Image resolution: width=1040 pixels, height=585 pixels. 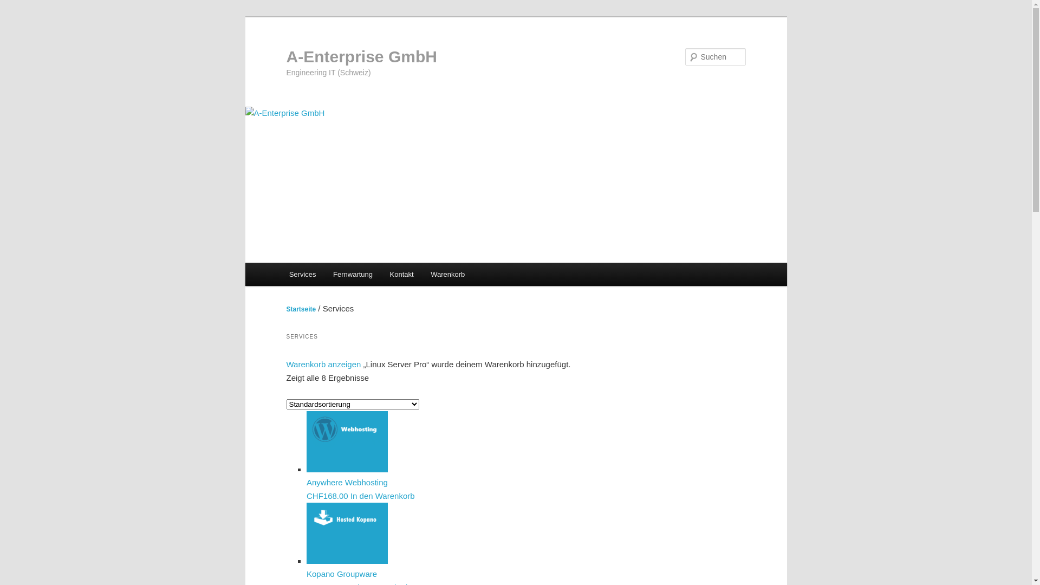 I want to click on 'Kontakt', so click(x=401, y=274).